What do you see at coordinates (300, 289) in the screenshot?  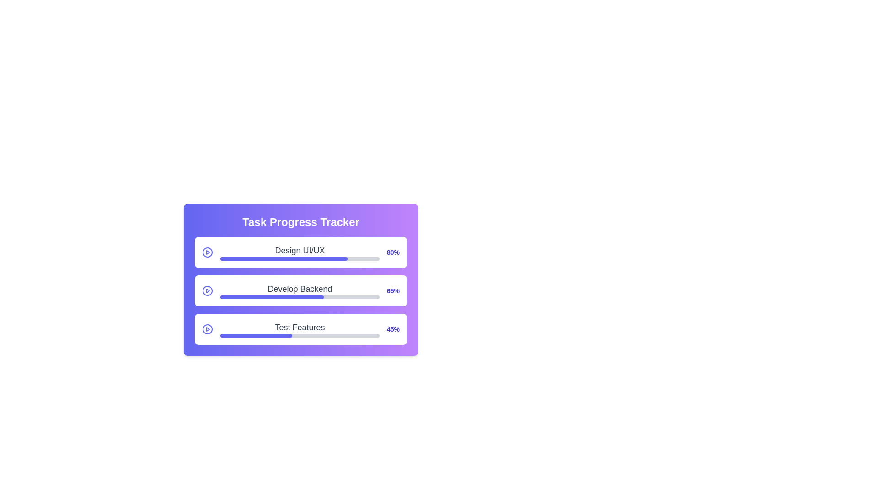 I see `the task label in the 'Task Progress Tracker' section, which is positioned above a progress bar showing '65%'` at bounding box center [300, 289].